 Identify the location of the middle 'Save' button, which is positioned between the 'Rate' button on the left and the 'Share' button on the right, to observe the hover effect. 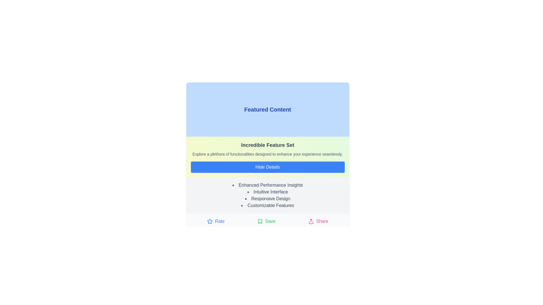
(266, 221).